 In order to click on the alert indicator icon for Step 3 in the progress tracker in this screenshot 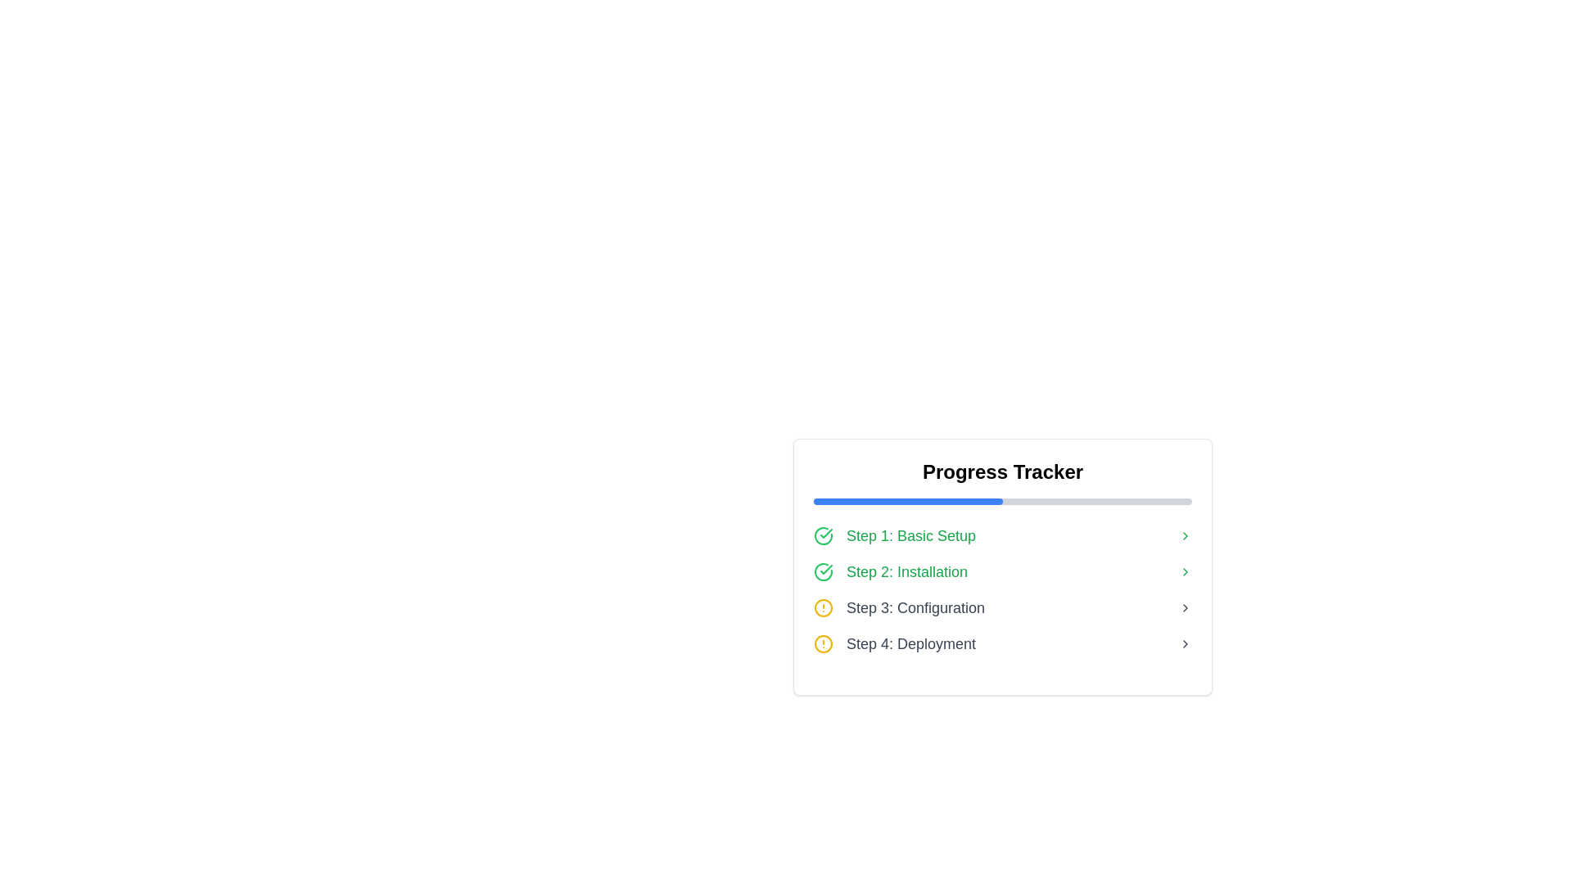, I will do `click(824, 608)`.